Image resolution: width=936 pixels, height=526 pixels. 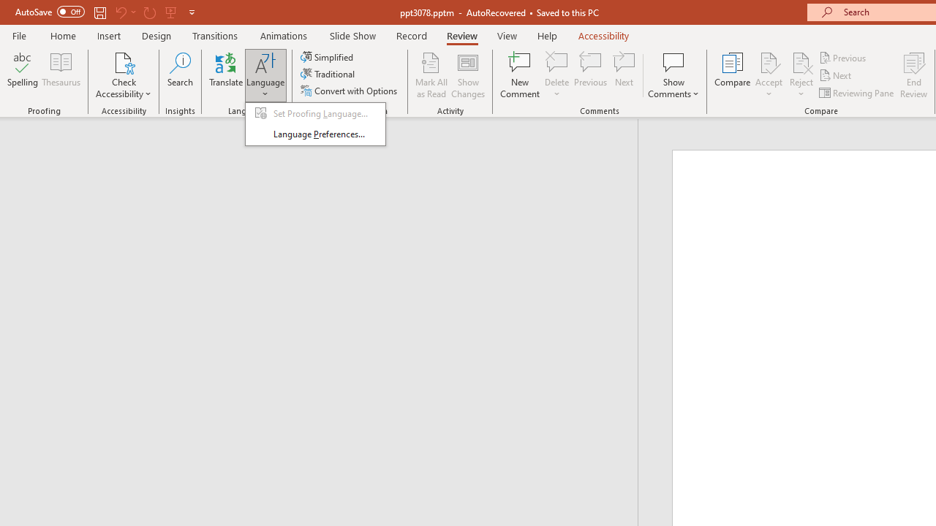 What do you see at coordinates (556, 61) in the screenshot?
I see `'Delete'` at bounding box center [556, 61].